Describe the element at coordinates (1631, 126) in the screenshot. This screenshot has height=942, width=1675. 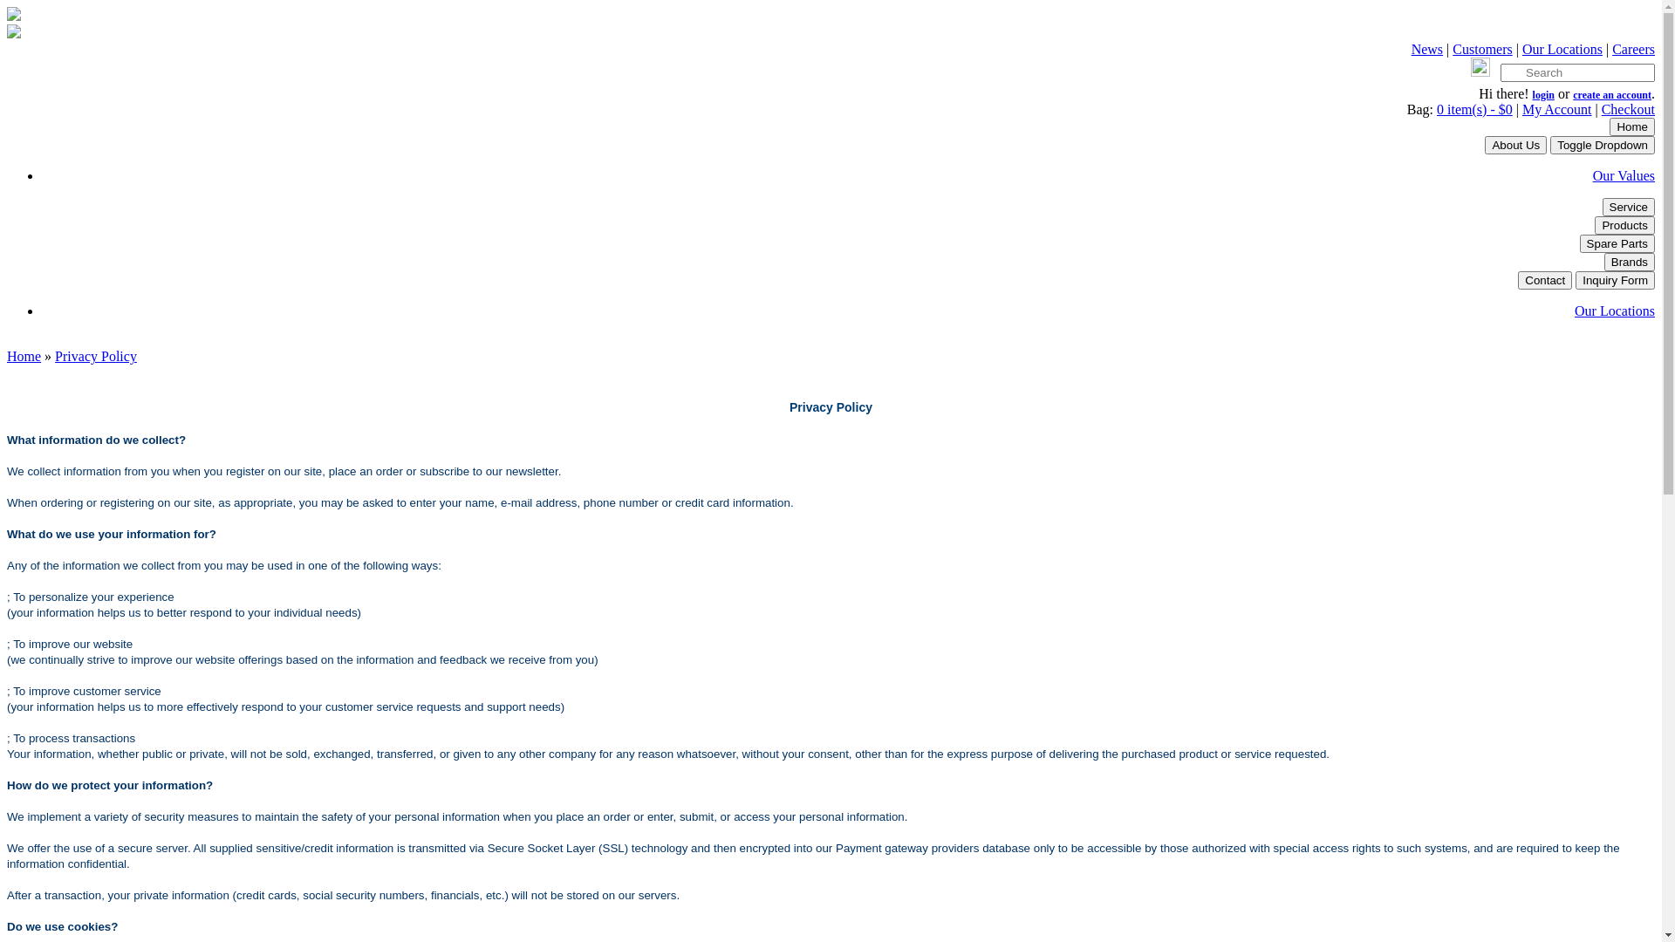
I see `'Home'` at that location.